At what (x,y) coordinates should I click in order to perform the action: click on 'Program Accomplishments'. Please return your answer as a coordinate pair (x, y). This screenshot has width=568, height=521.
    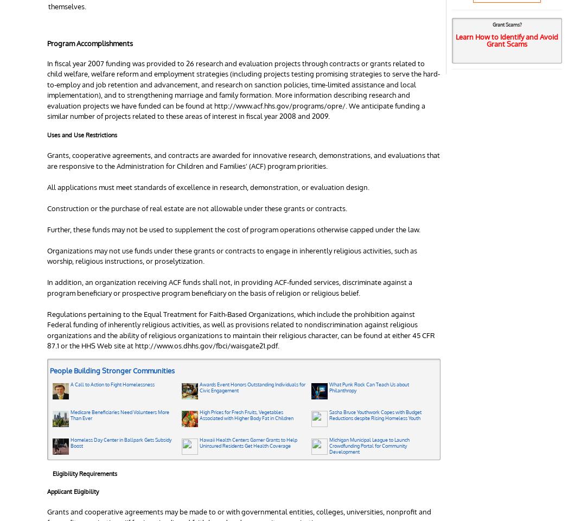
    Looking at the image, I should click on (90, 43).